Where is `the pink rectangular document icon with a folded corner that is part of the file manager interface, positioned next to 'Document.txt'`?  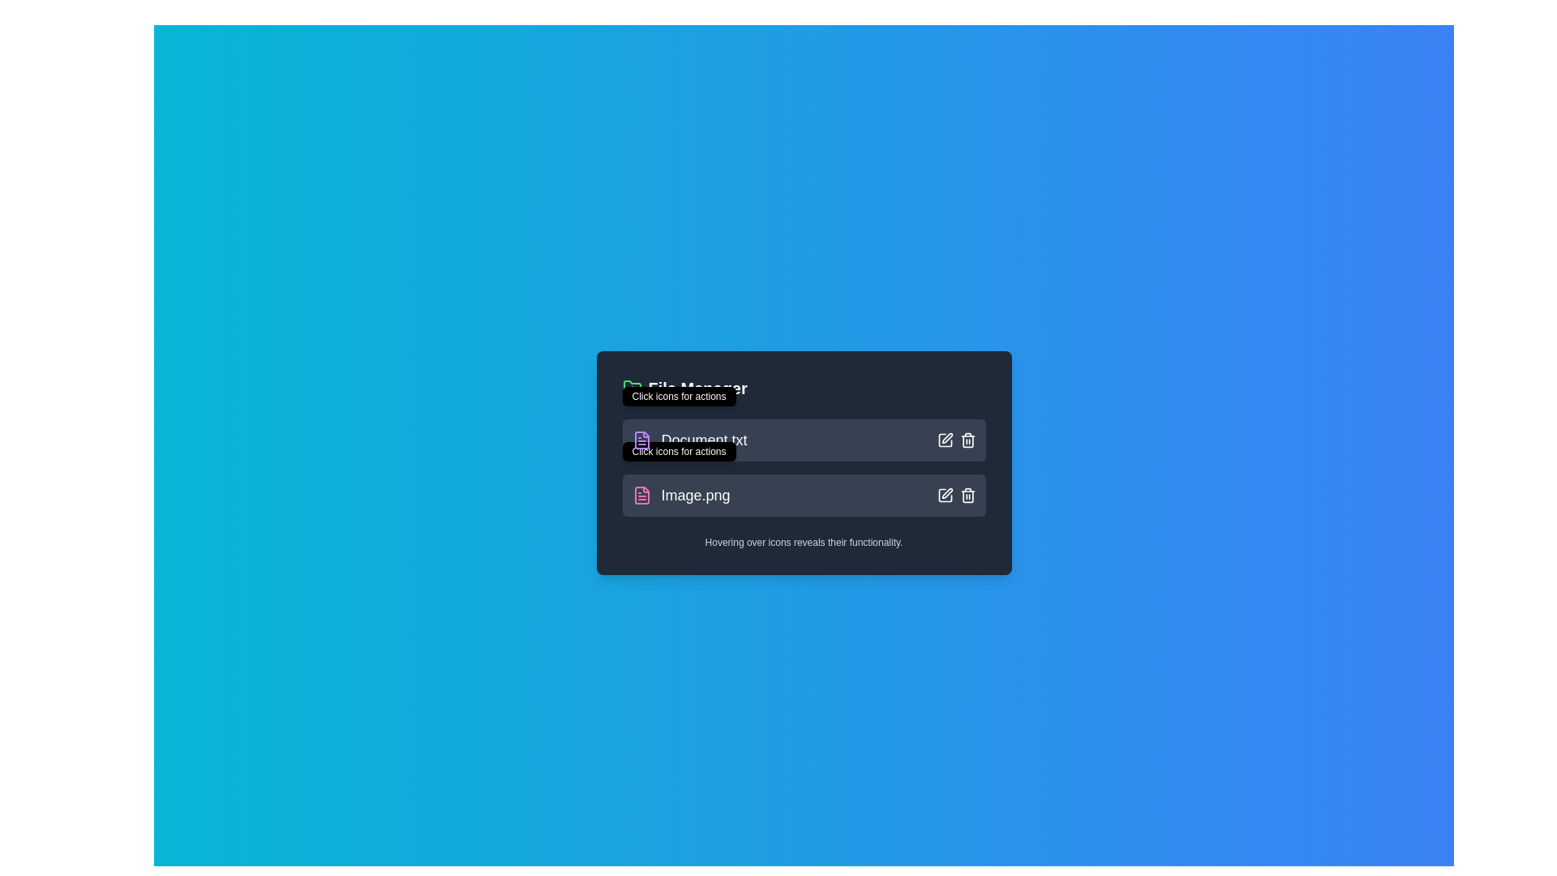 the pink rectangular document icon with a folded corner that is part of the file manager interface, positioned next to 'Document.txt' is located at coordinates (641, 494).